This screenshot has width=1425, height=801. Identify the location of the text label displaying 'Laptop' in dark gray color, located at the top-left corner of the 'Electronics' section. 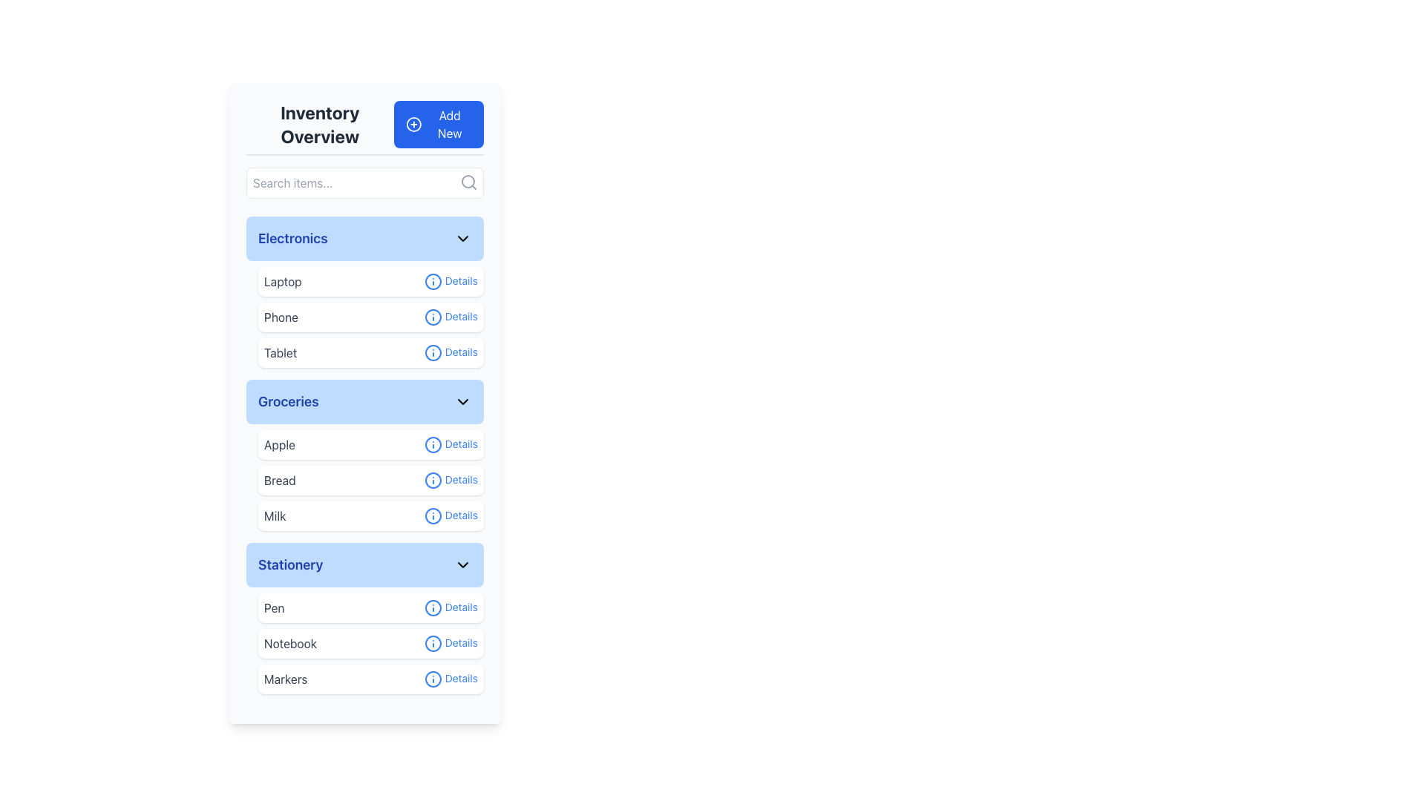
(283, 282).